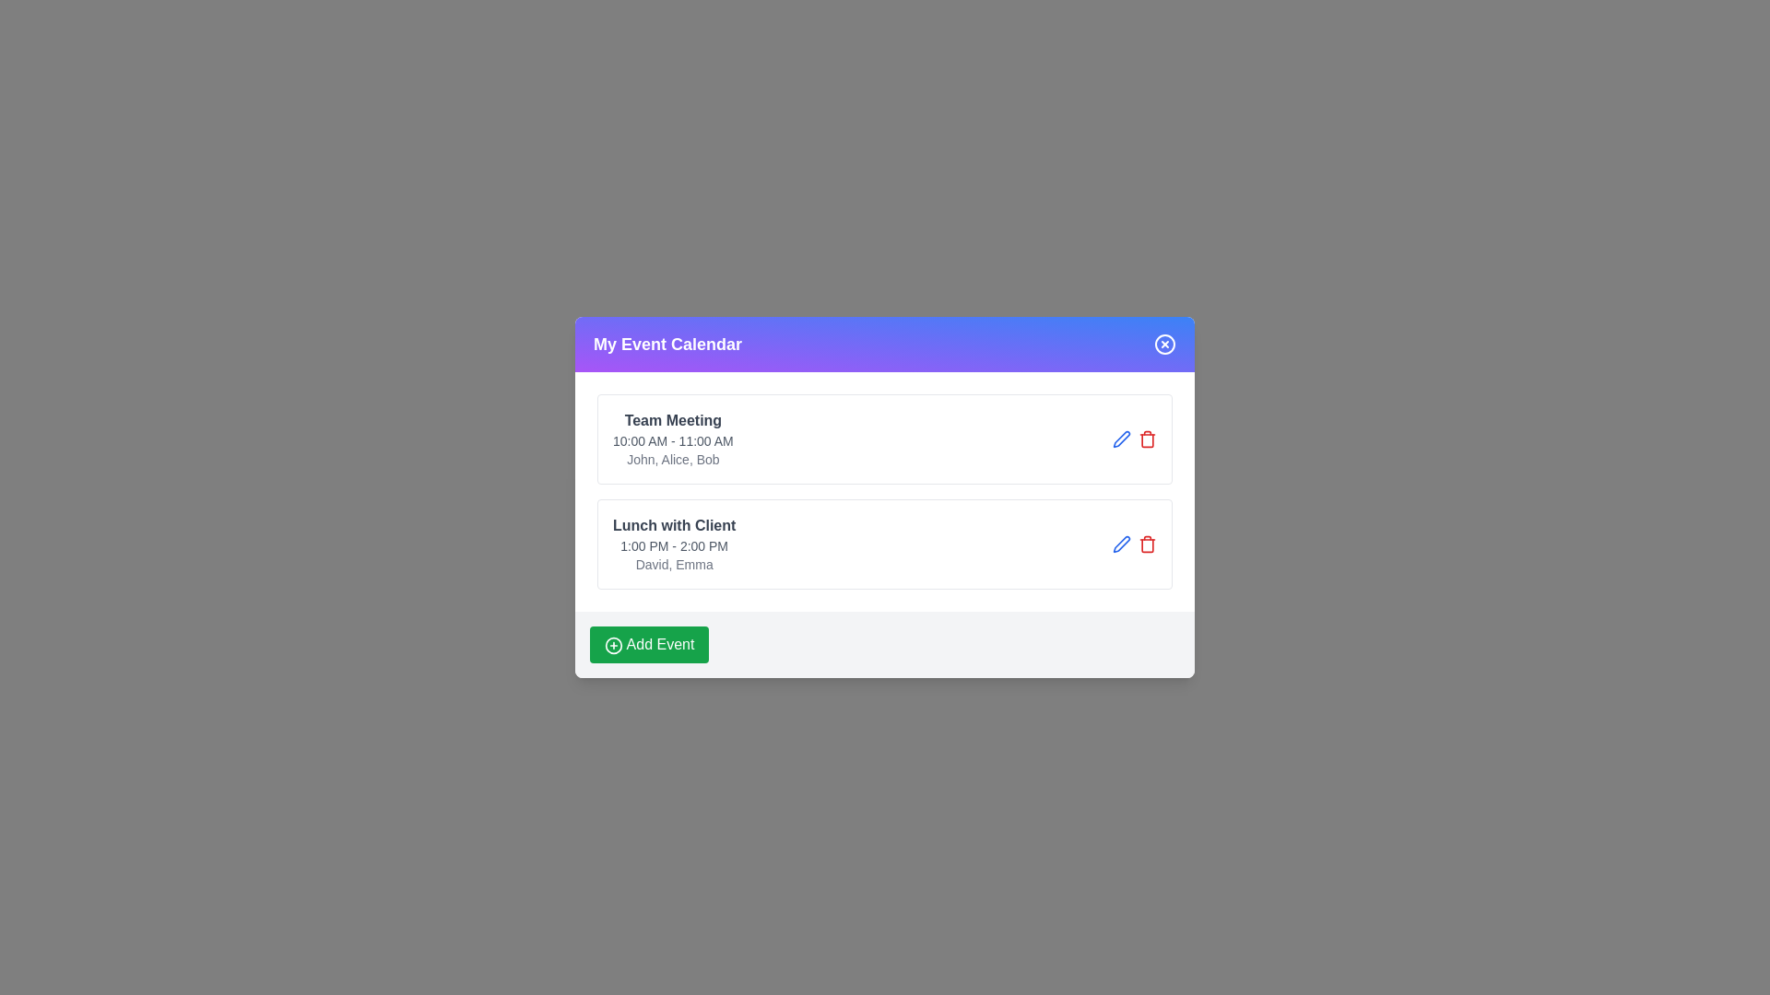 This screenshot has width=1770, height=995. Describe the element at coordinates (673, 564) in the screenshot. I see `the text label indicating the attendees of the 'Lunch with Client' event, located below the time range '1:00 PM - 2:00 PM' in the calendar interface` at that location.